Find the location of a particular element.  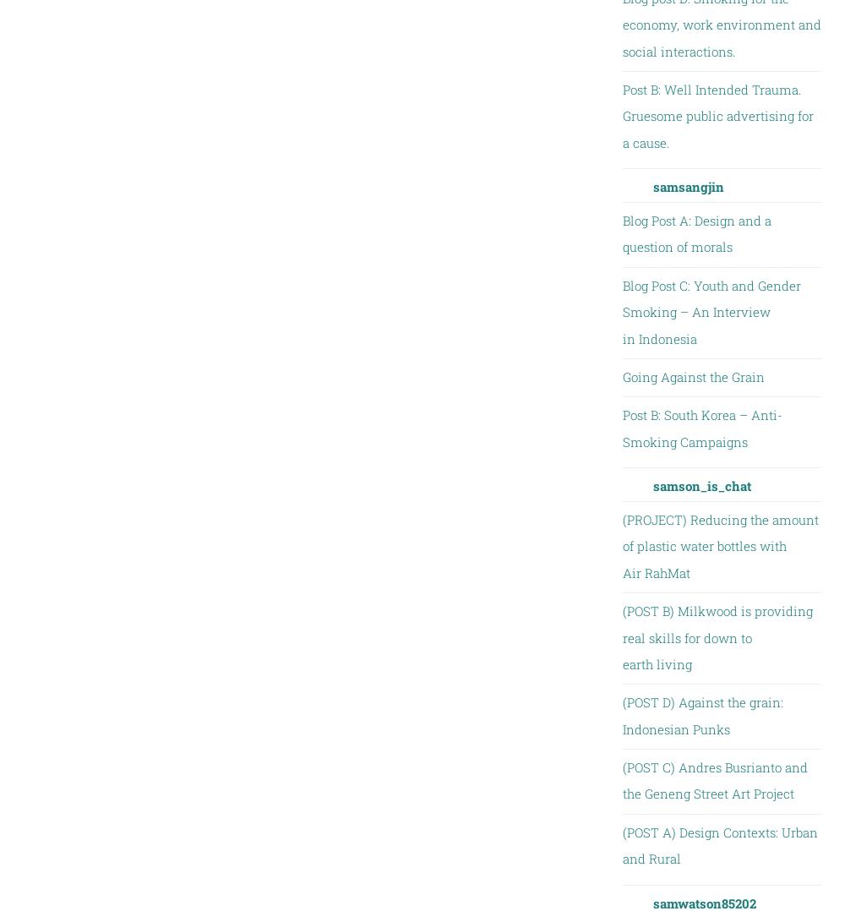

'Post B: Well Intended Trauma. Gruesome public advertising for a cause.' is located at coordinates (717, 115).